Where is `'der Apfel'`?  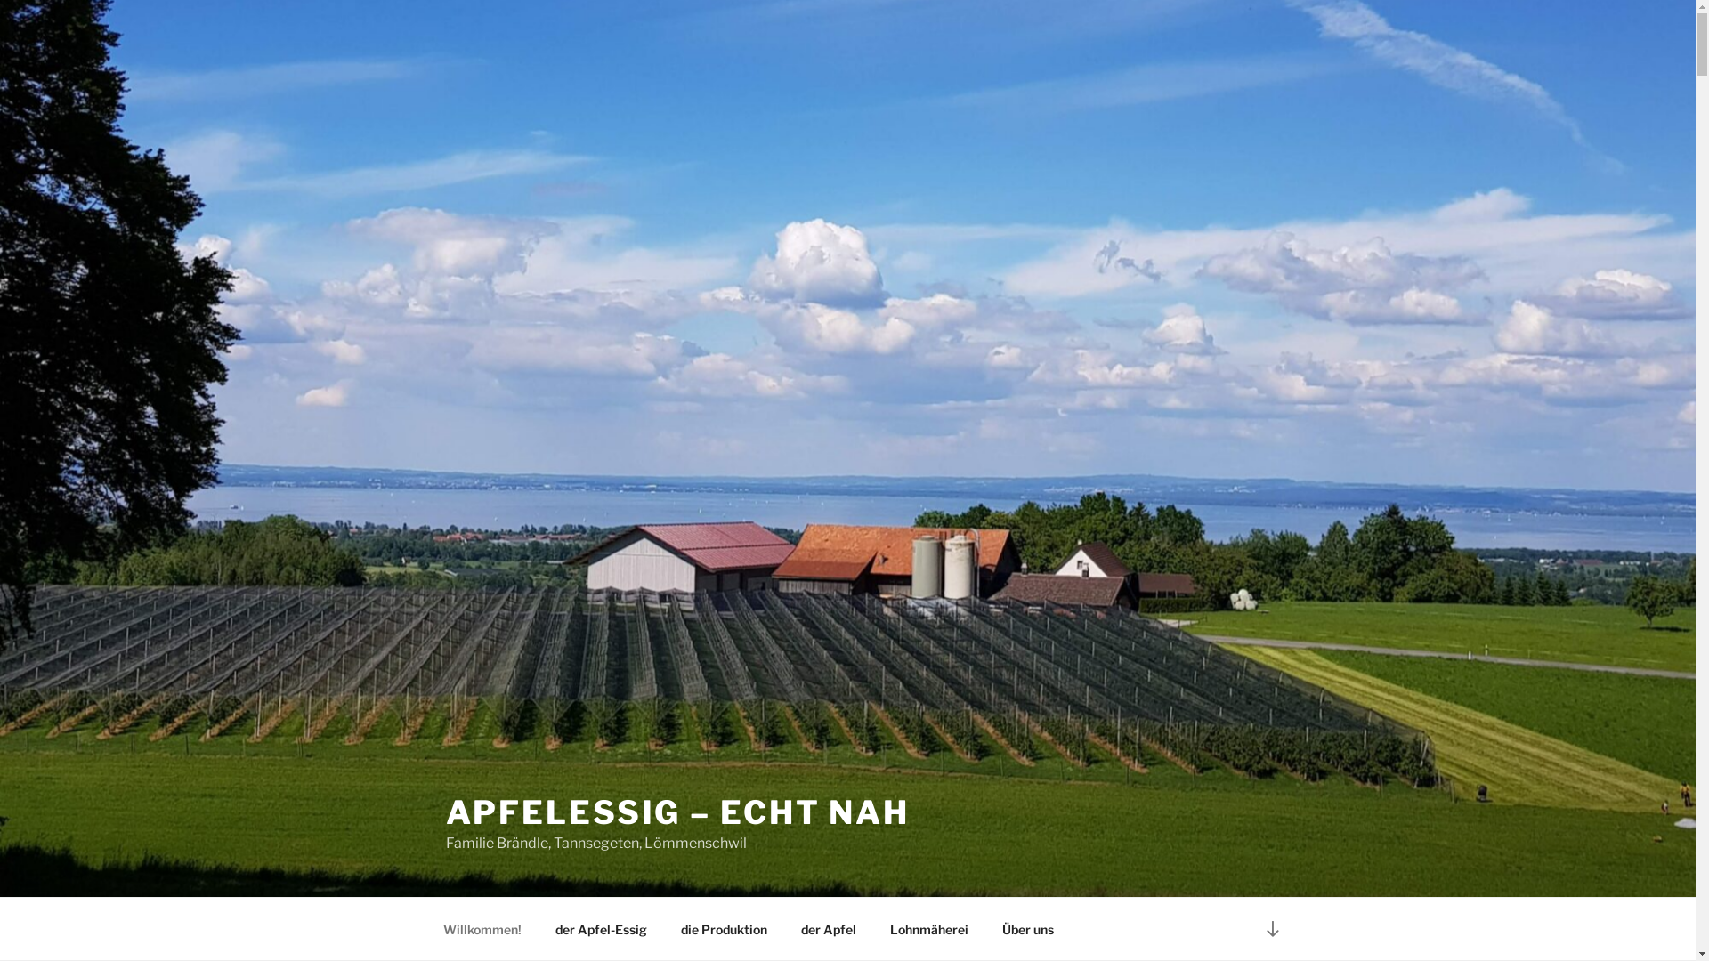
'der Apfel' is located at coordinates (784, 928).